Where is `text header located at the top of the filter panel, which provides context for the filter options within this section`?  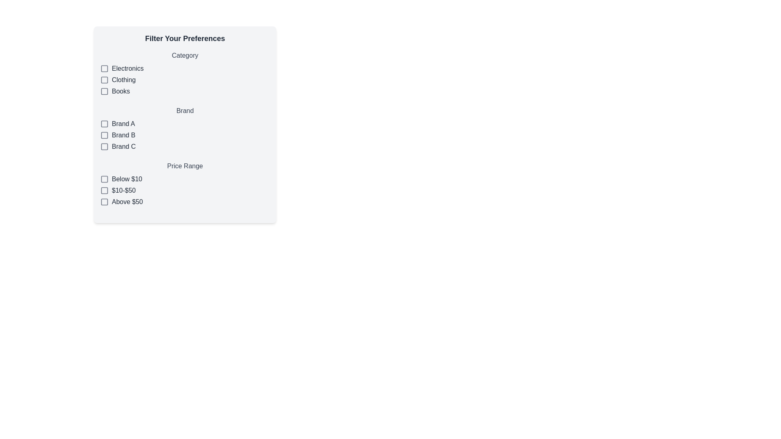 text header located at the top of the filter panel, which provides context for the filter options within this section is located at coordinates (185, 39).